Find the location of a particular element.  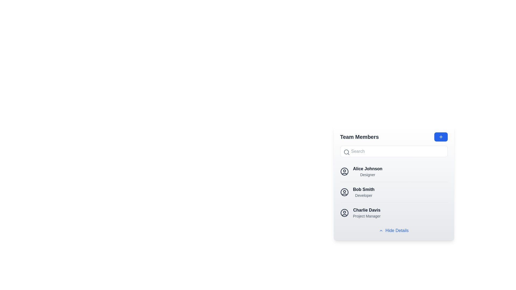

text label displaying 'Designer' located in the 'Team Members' section, directly underneath 'Alice Johnson' is located at coordinates (367, 175).